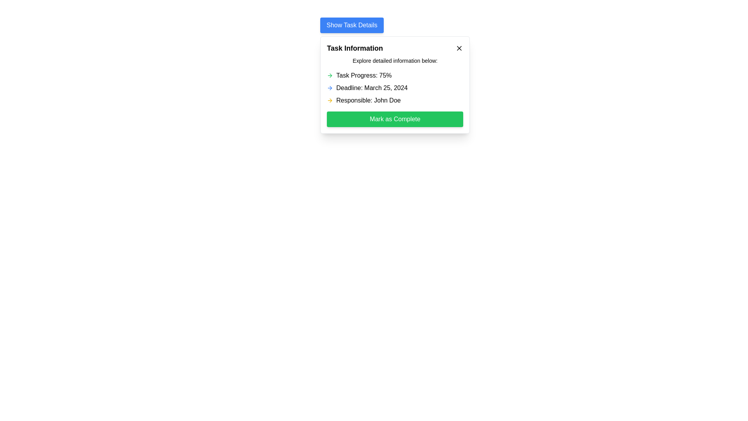 The height and width of the screenshot is (421, 748). I want to click on the appearance of the arrow icon located to the left of the deadline text 'Deadline: March 25, 2024', so click(330, 88).